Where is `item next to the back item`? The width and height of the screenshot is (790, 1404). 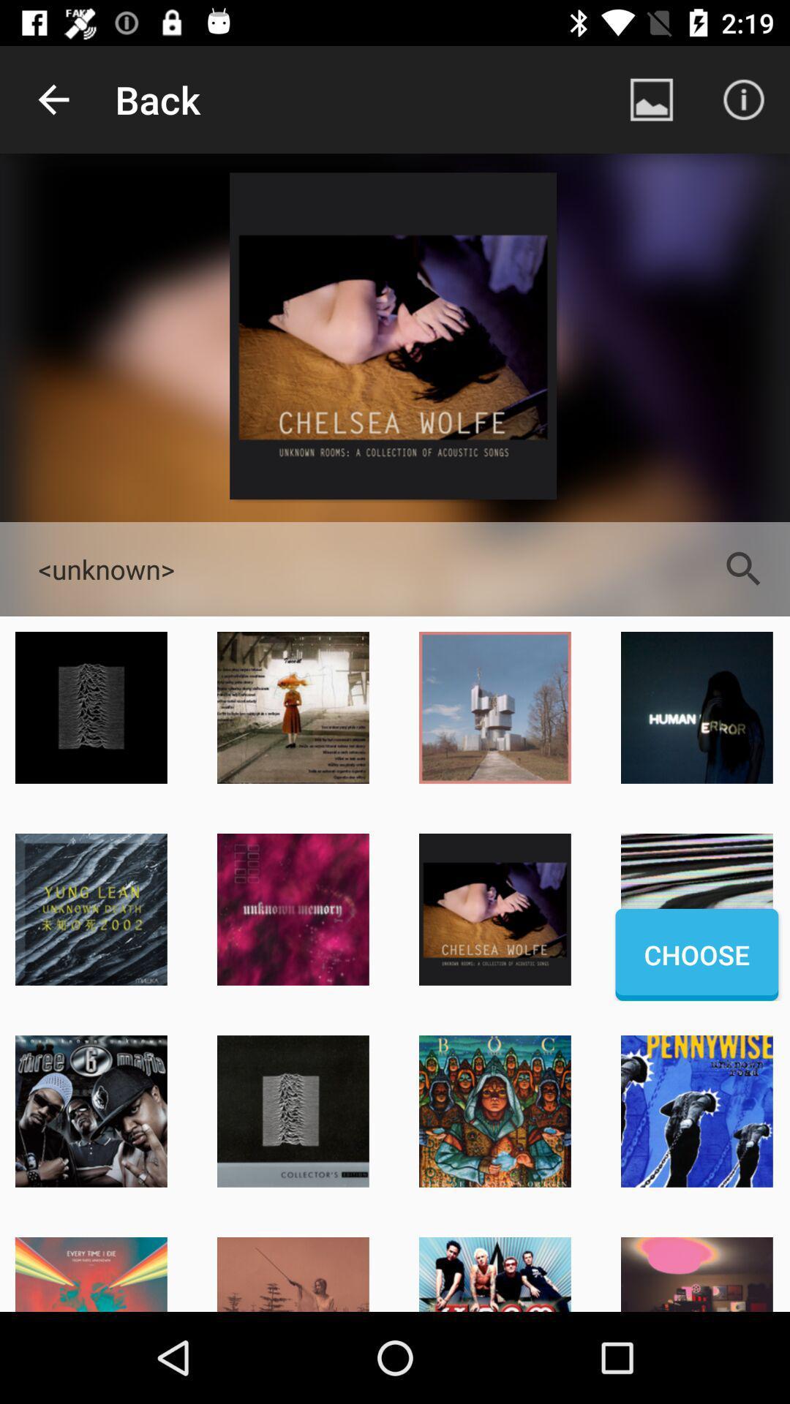
item next to the back item is located at coordinates (651, 99).